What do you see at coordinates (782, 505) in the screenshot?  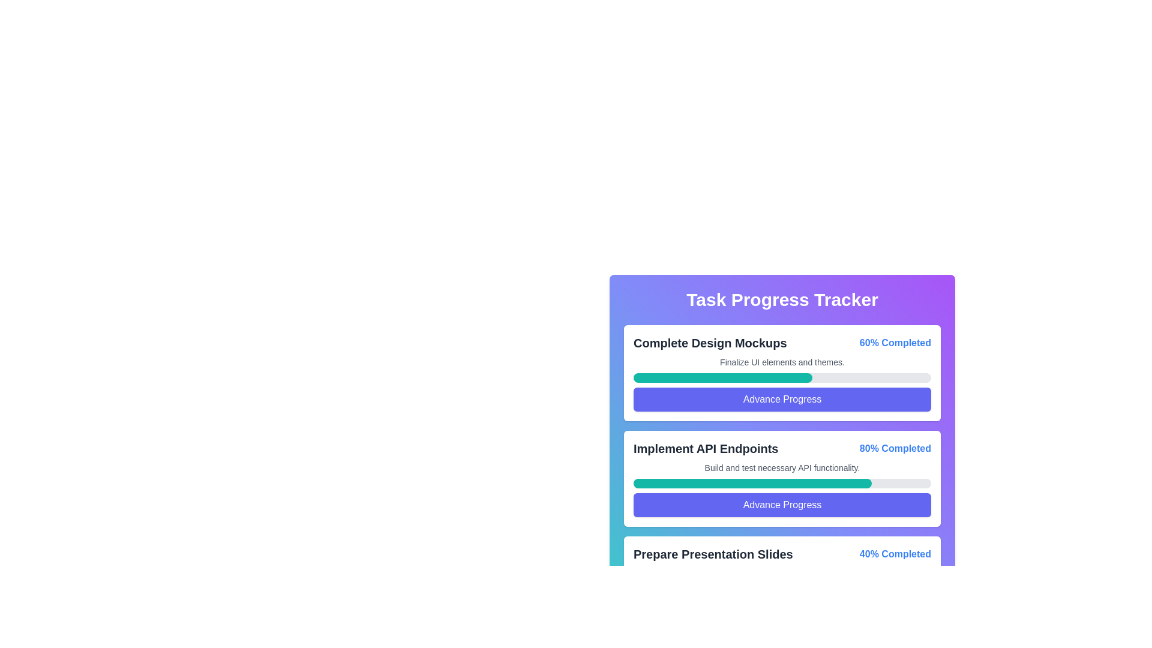 I see `the 'Advance Progress' button with a purple background and white text located at the bottom of the task card for 'Implement API Endpoints' to advance the progress` at bounding box center [782, 505].